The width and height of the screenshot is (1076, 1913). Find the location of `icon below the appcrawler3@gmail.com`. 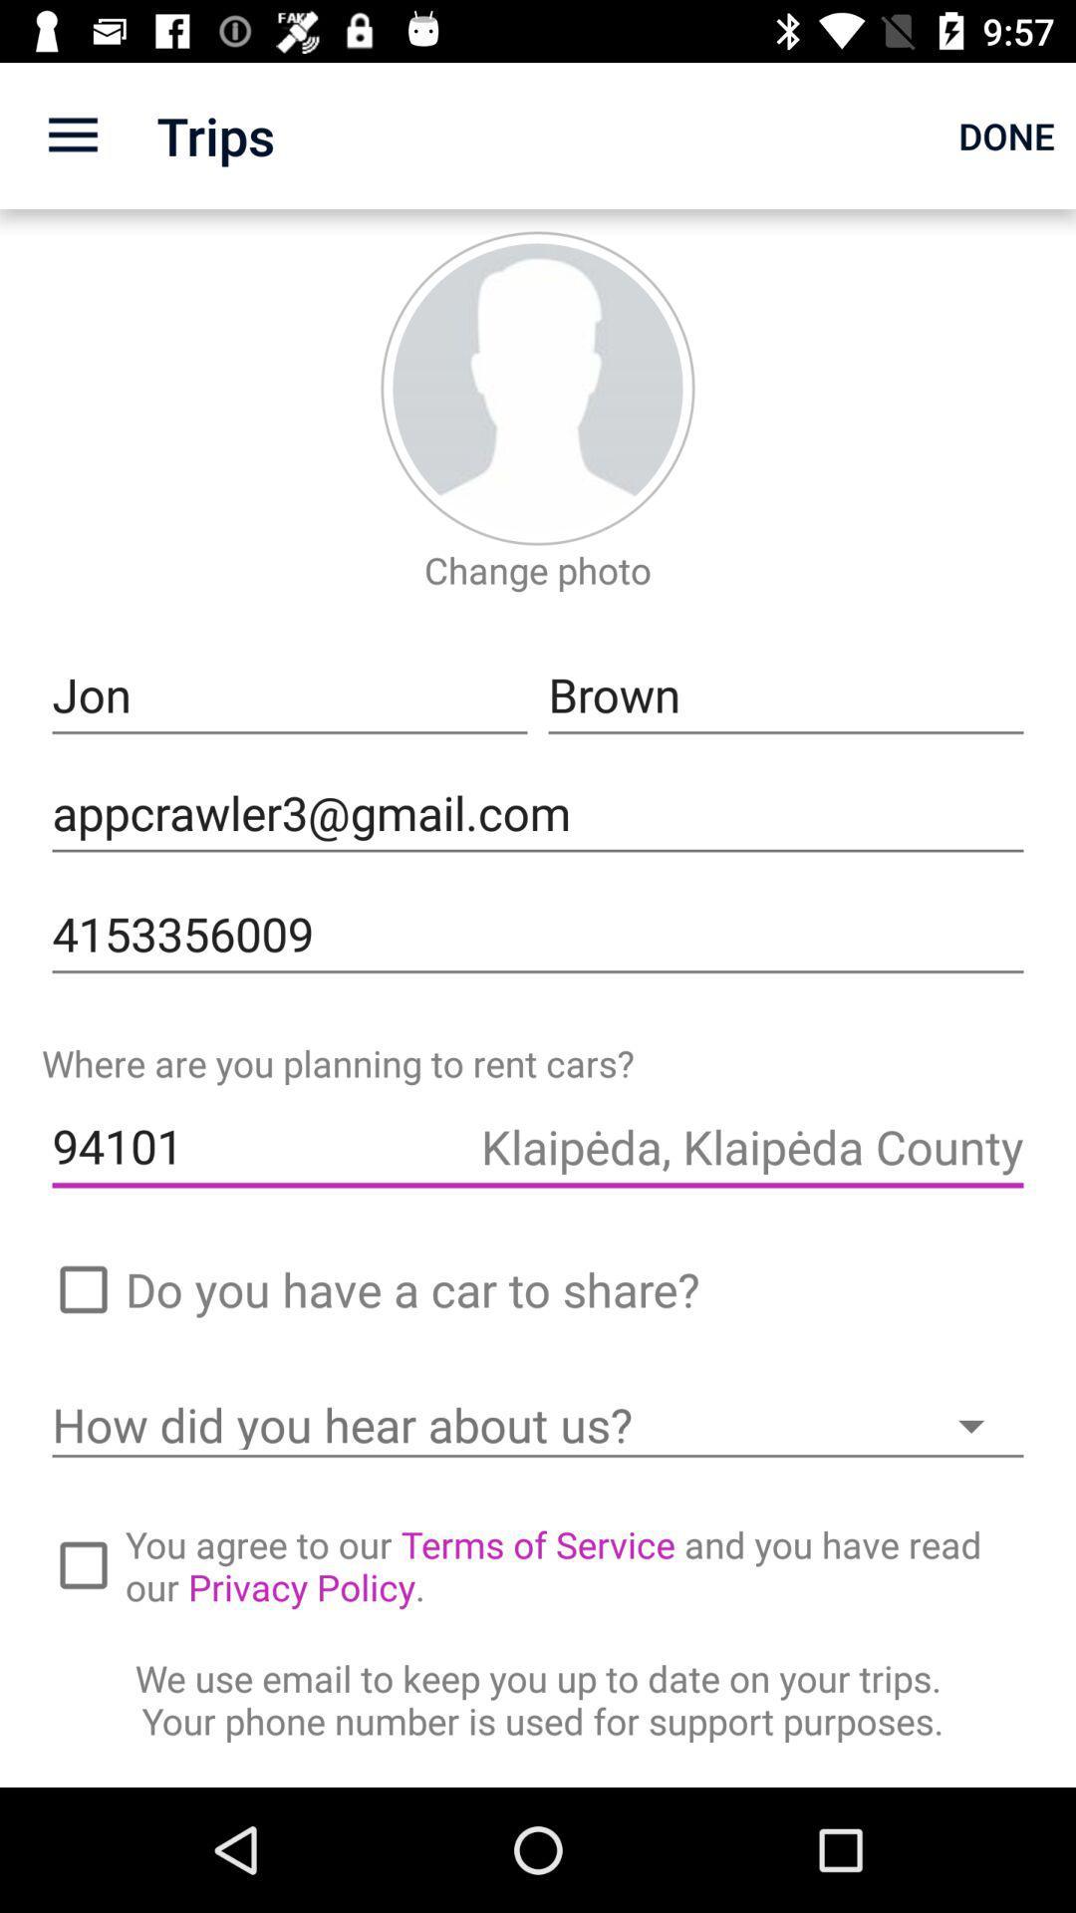

icon below the appcrawler3@gmail.com is located at coordinates (538, 934).